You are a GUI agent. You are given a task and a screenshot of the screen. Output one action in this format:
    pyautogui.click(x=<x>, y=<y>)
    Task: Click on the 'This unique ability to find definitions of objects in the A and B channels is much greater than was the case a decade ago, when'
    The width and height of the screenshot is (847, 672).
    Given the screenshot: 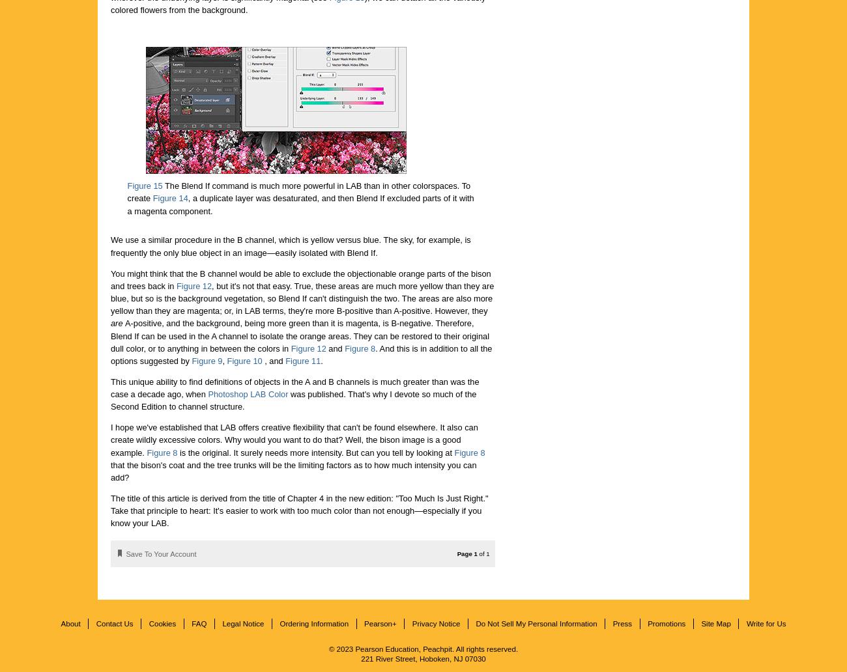 What is the action you would take?
    pyautogui.click(x=111, y=387)
    